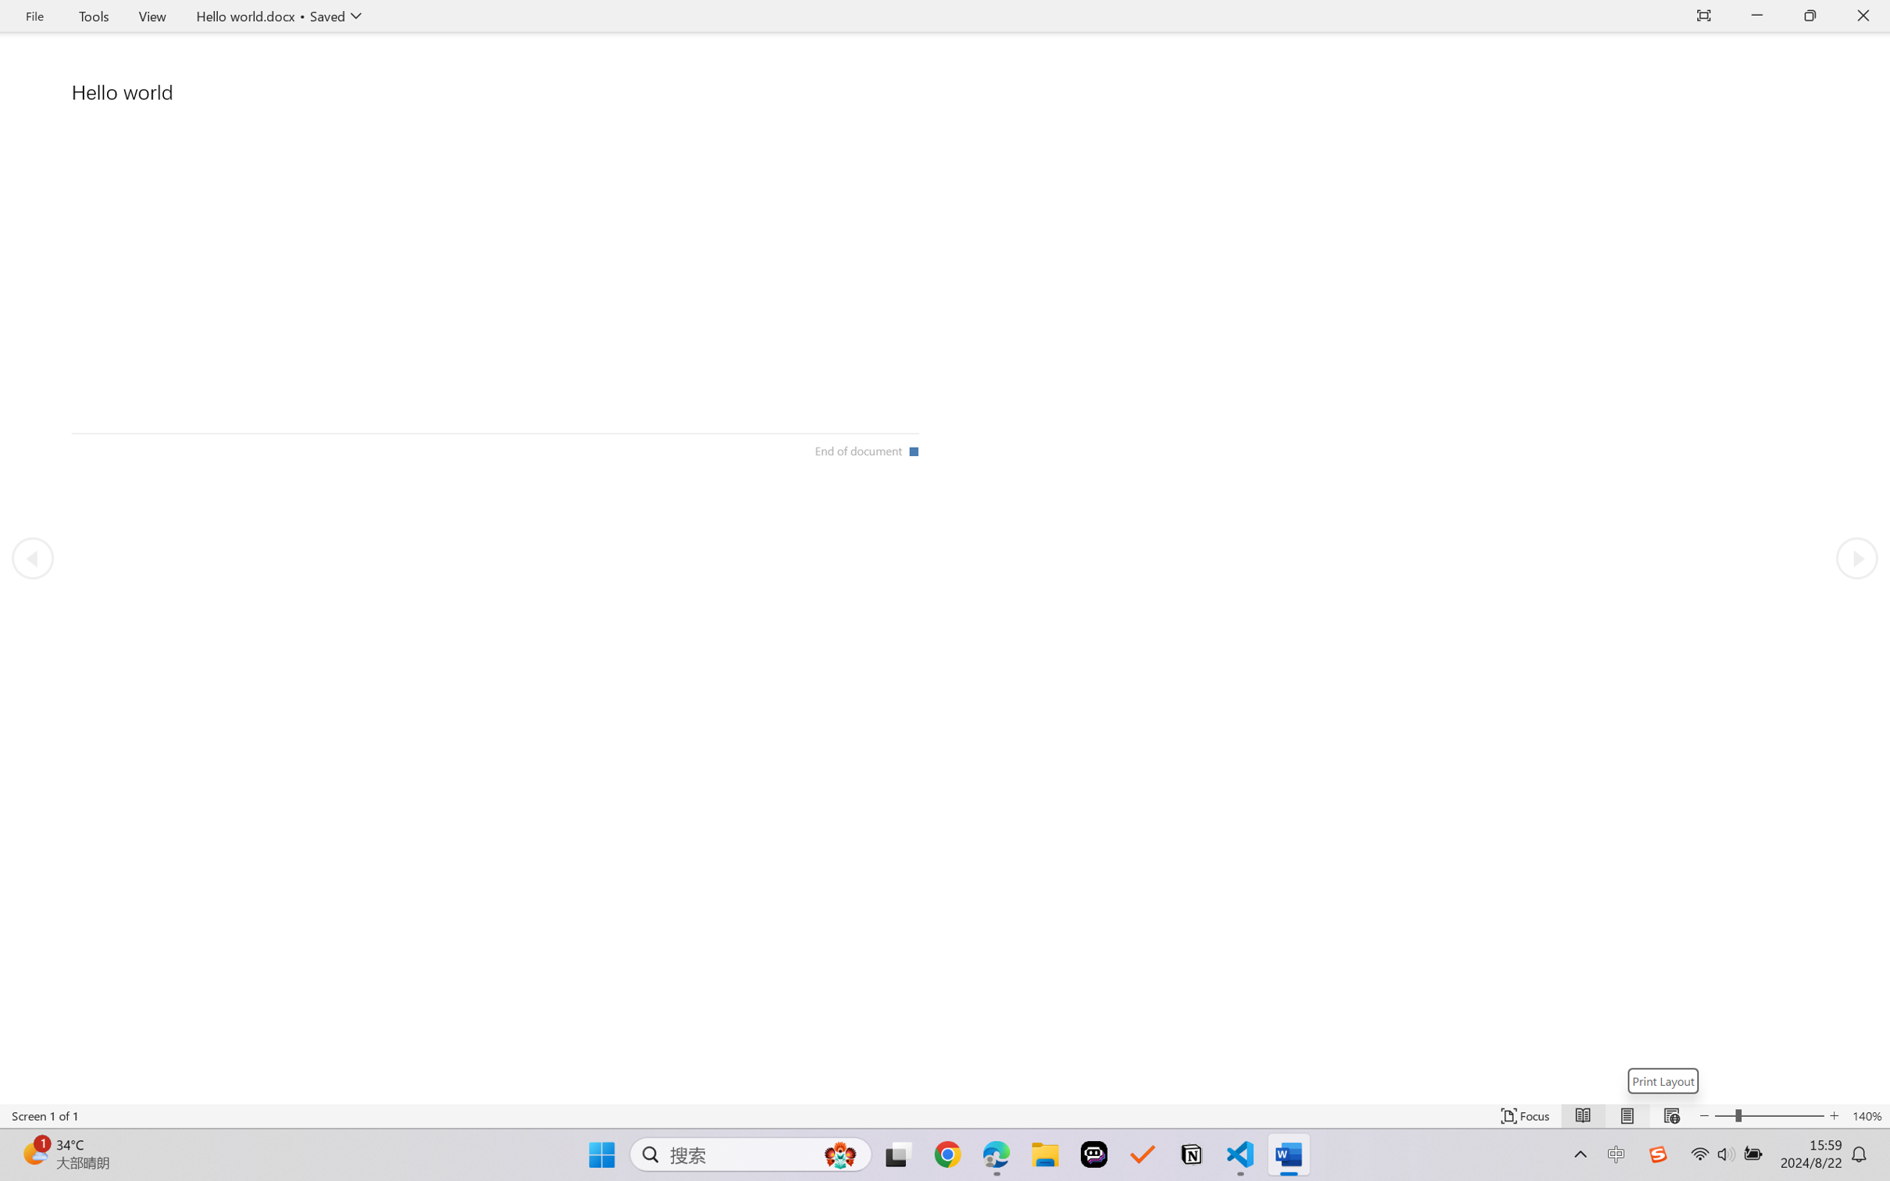 The height and width of the screenshot is (1181, 1890). What do you see at coordinates (34, 1153) in the screenshot?
I see `'AutomationID: BadgeAnchorLargeTicker'` at bounding box center [34, 1153].